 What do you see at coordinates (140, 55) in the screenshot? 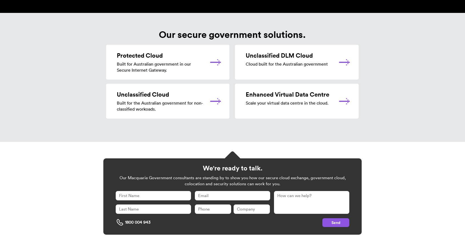
I see `'Protected Cloud'` at bounding box center [140, 55].